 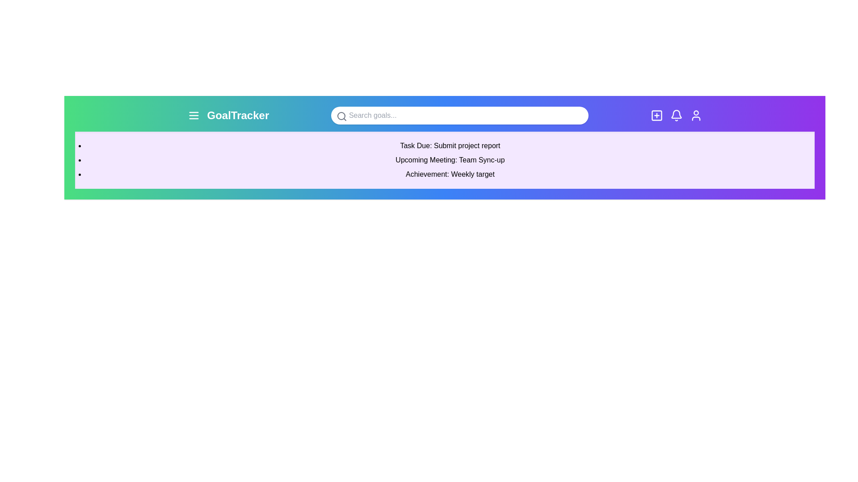 I want to click on the notification bell icon to toggle notifications, so click(x=676, y=115).